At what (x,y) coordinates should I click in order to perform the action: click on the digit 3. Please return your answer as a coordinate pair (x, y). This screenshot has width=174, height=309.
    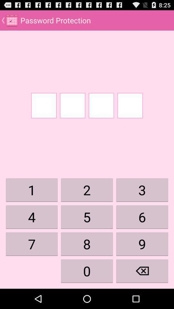
    Looking at the image, I should click on (142, 190).